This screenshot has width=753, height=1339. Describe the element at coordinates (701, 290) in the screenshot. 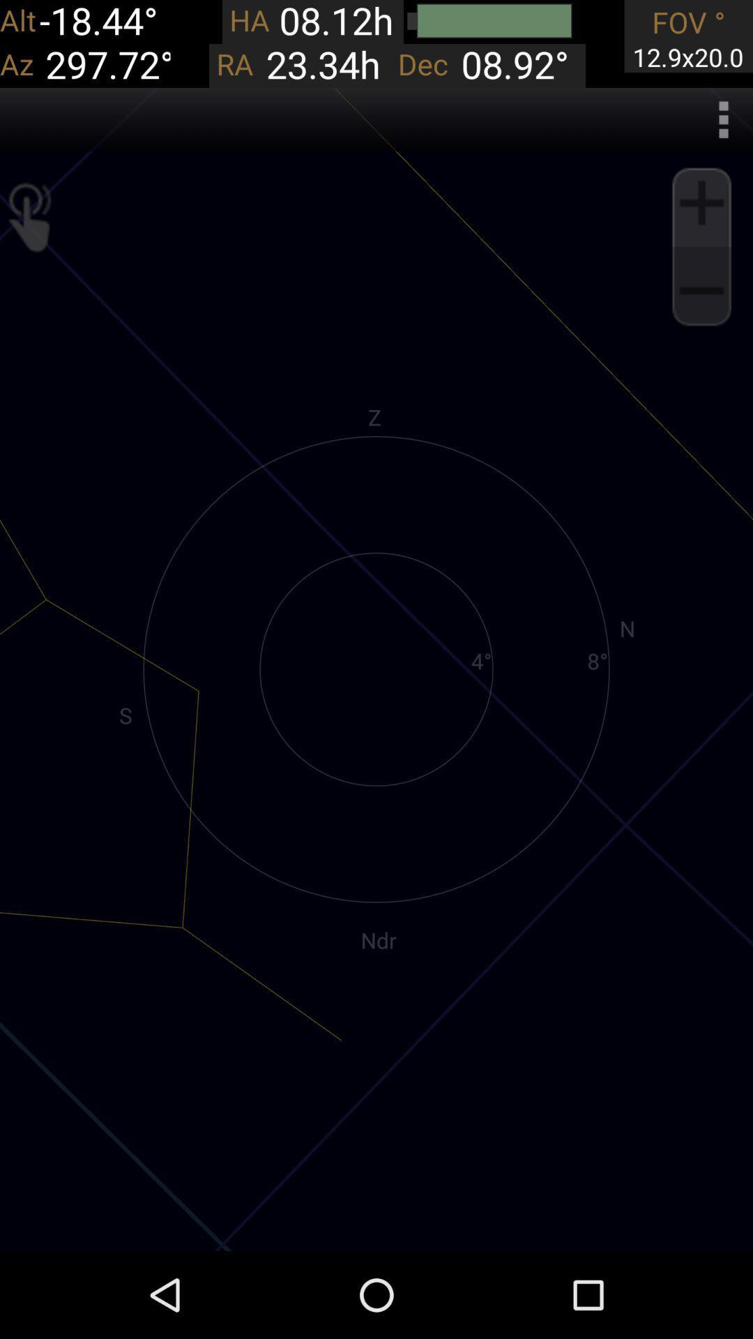

I see `zoom out` at that location.